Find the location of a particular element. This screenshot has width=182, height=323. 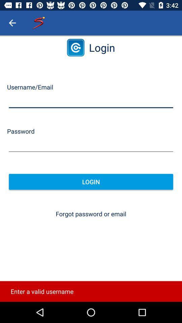

item below login item is located at coordinates (91, 213).